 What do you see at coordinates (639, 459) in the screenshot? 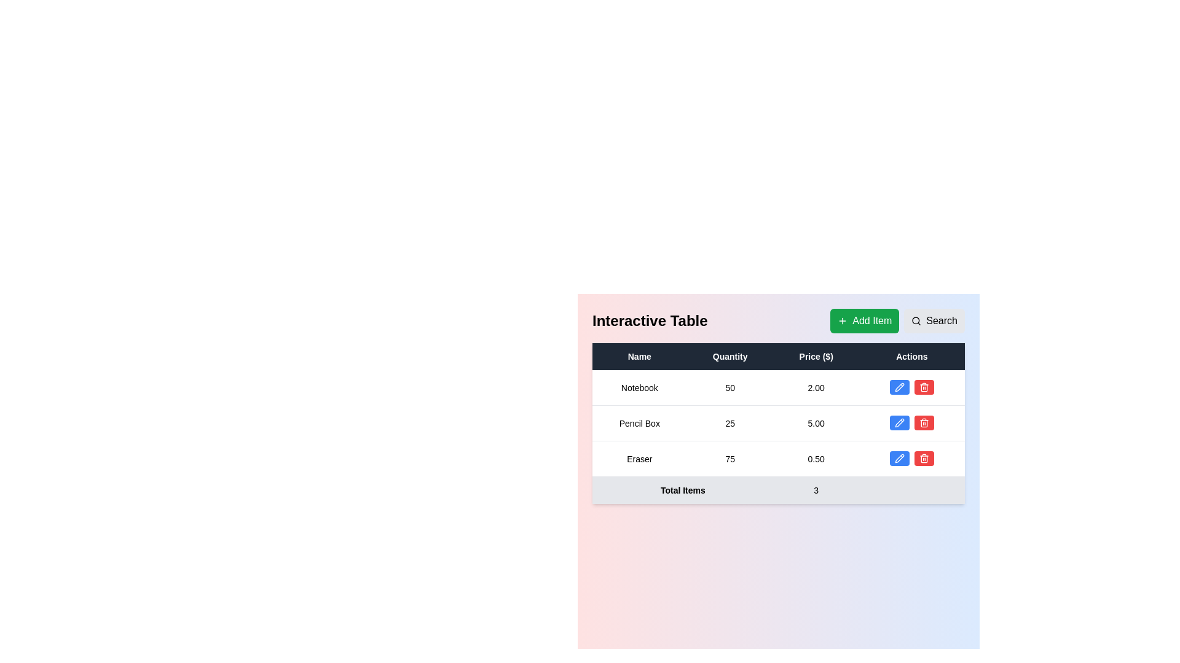
I see `the 'Eraser' text located in the first cell of the third row under the 'Name' column in the table` at bounding box center [639, 459].